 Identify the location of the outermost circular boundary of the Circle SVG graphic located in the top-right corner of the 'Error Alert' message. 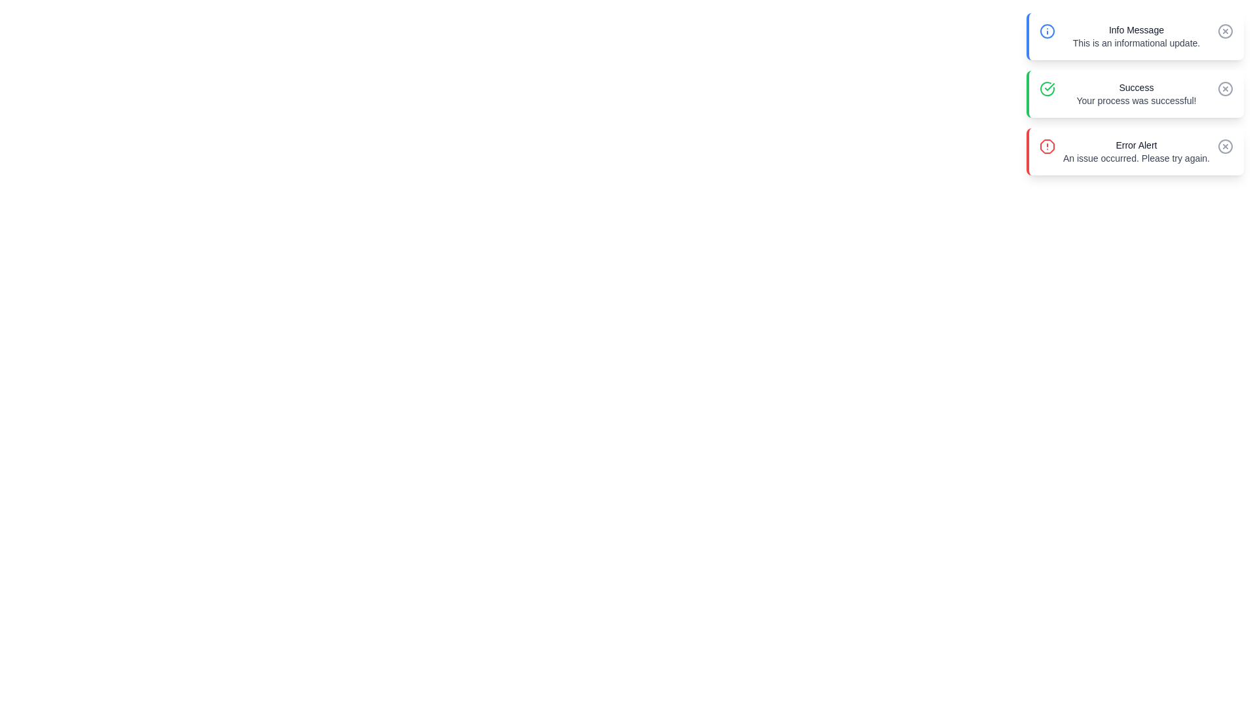
(1225, 88).